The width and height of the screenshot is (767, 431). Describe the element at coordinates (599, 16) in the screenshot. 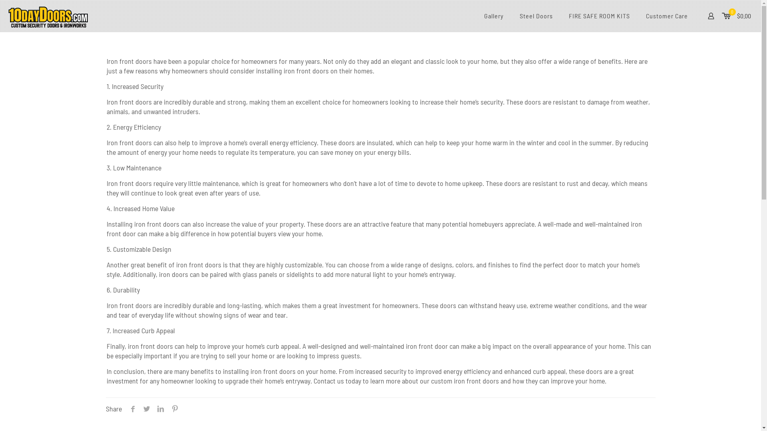

I see `'FIRE SAFE ROOM KITS'` at that location.